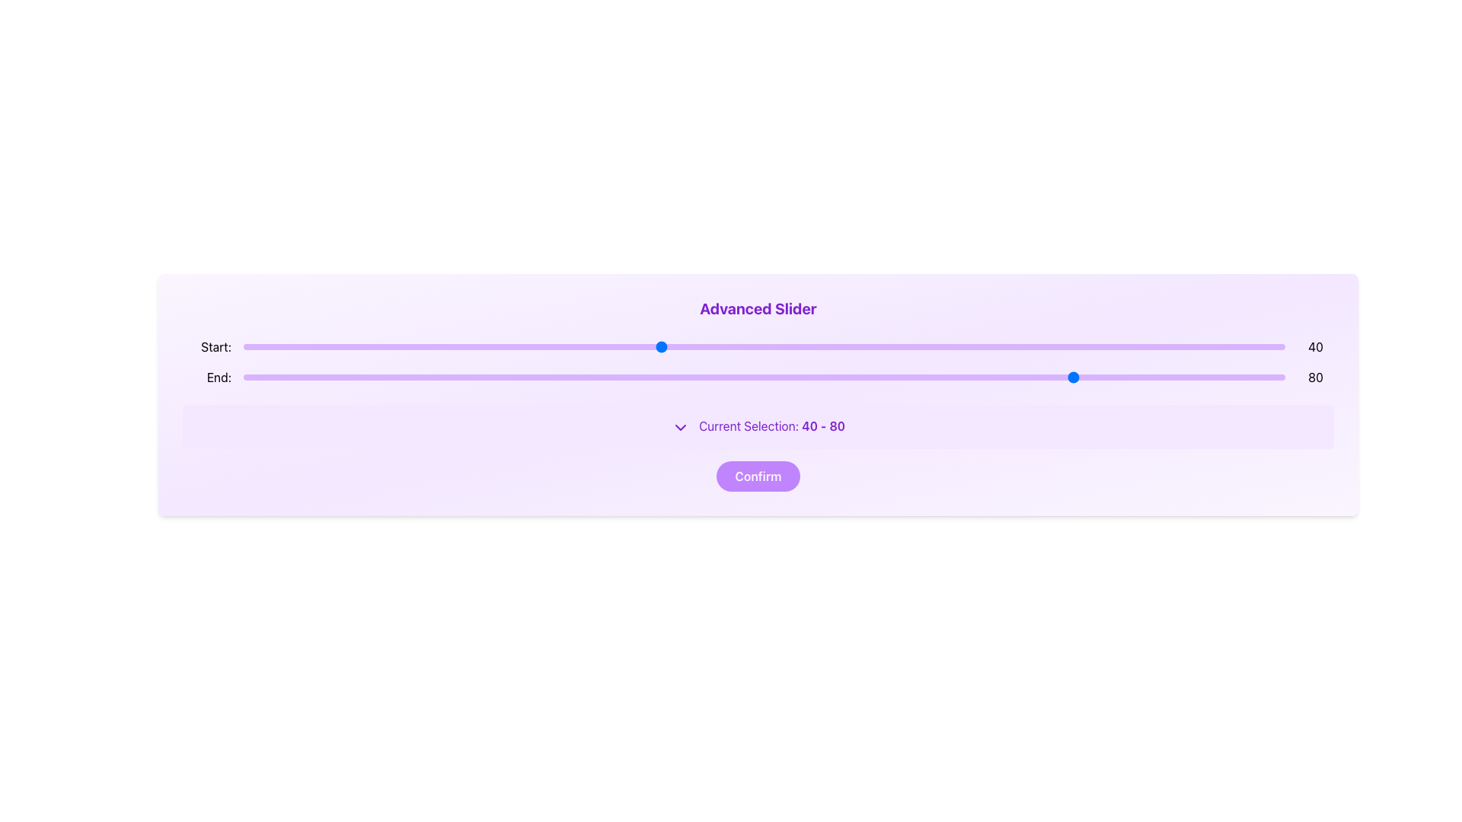 Image resolution: width=1462 pixels, height=822 pixels. Describe the element at coordinates (389, 346) in the screenshot. I see `the start slider` at that location.